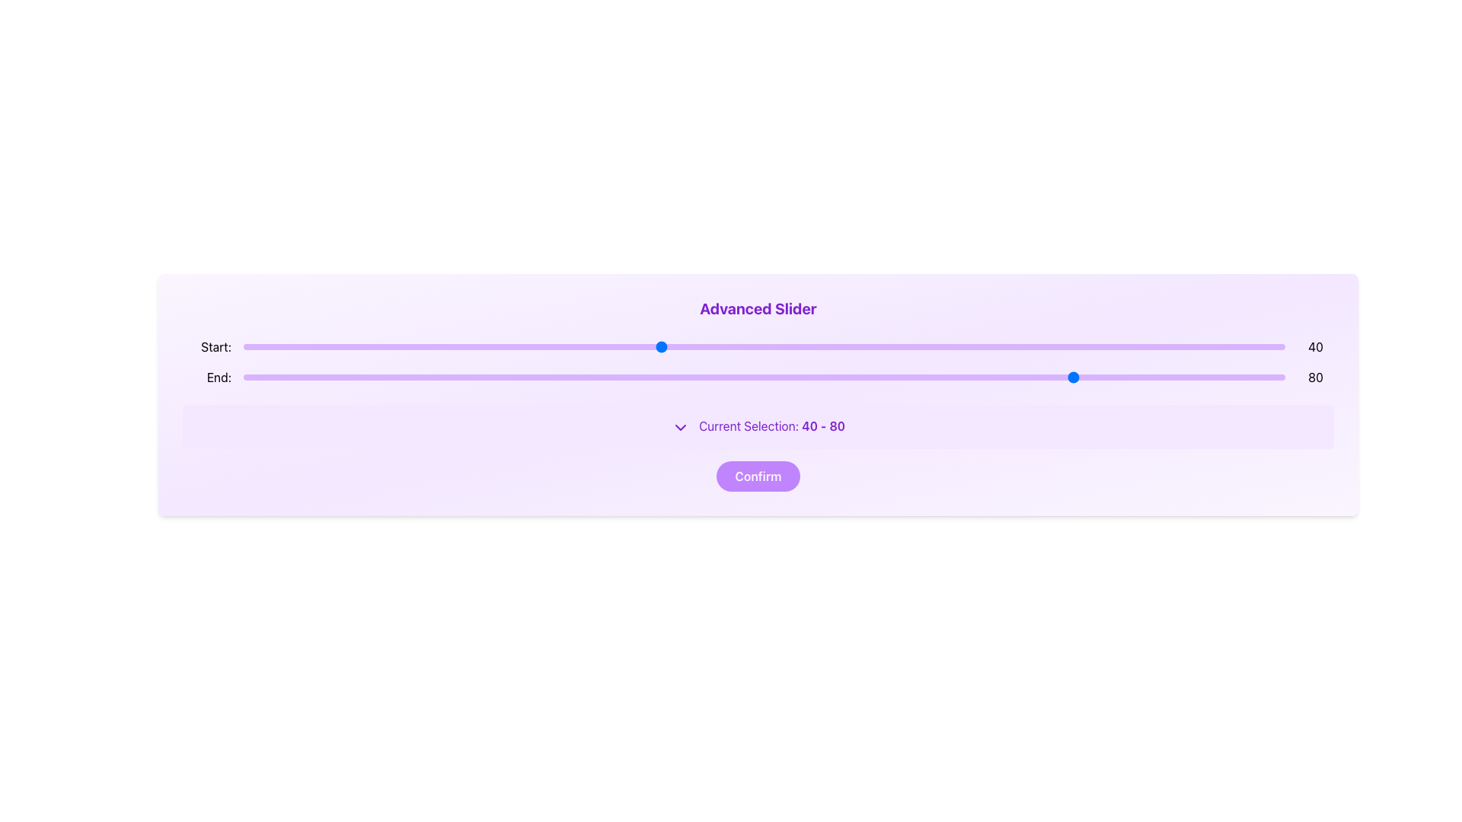 Image resolution: width=1462 pixels, height=822 pixels. Describe the element at coordinates (389, 346) in the screenshot. I see `the start slider` at that location.